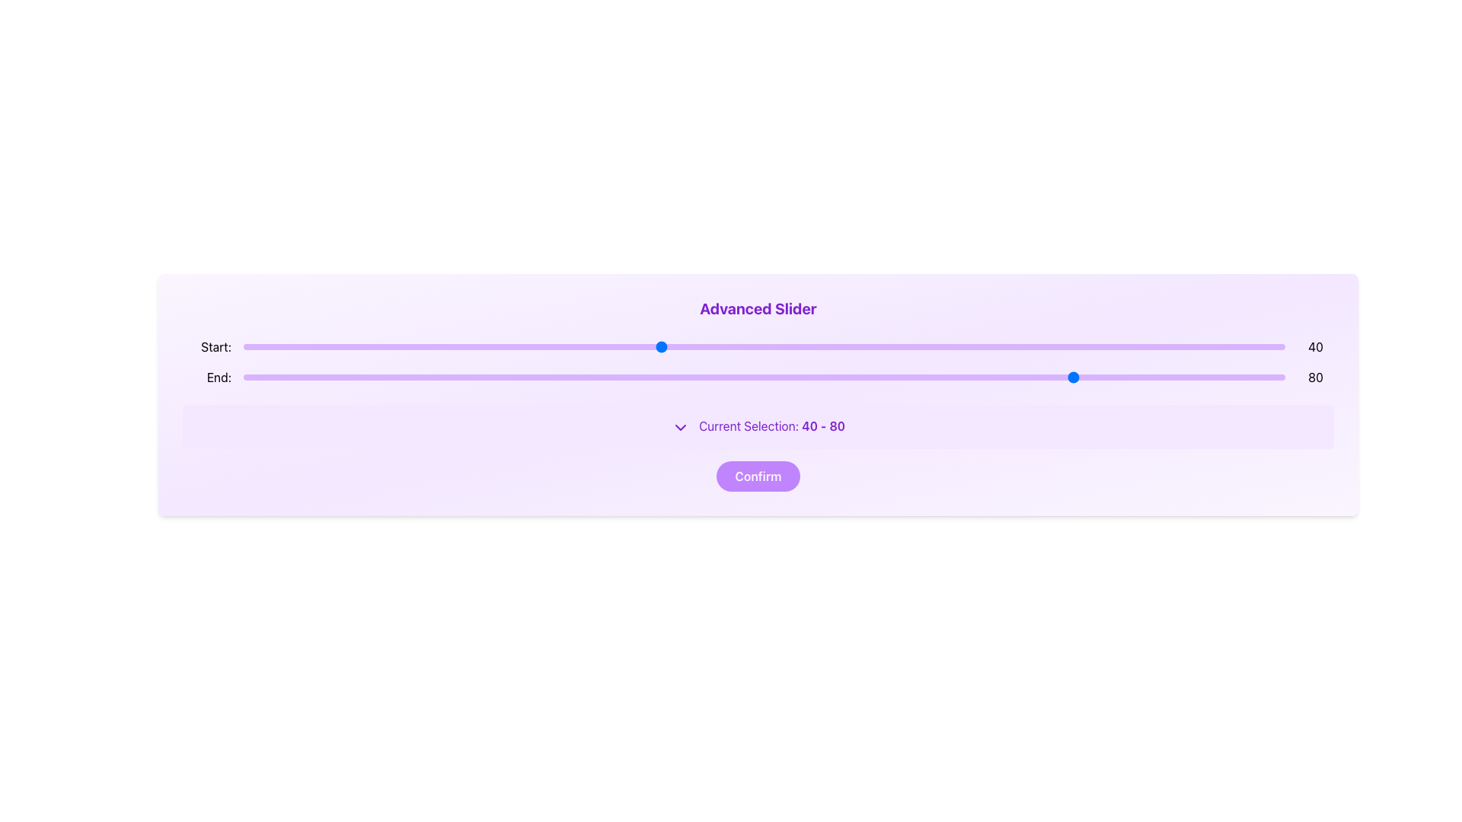 Image resolution: width=1462 pixels, height=822 pixels. Describe the element at coordinates (389, 346) in the screenshot. I see `the start slider` at that location.